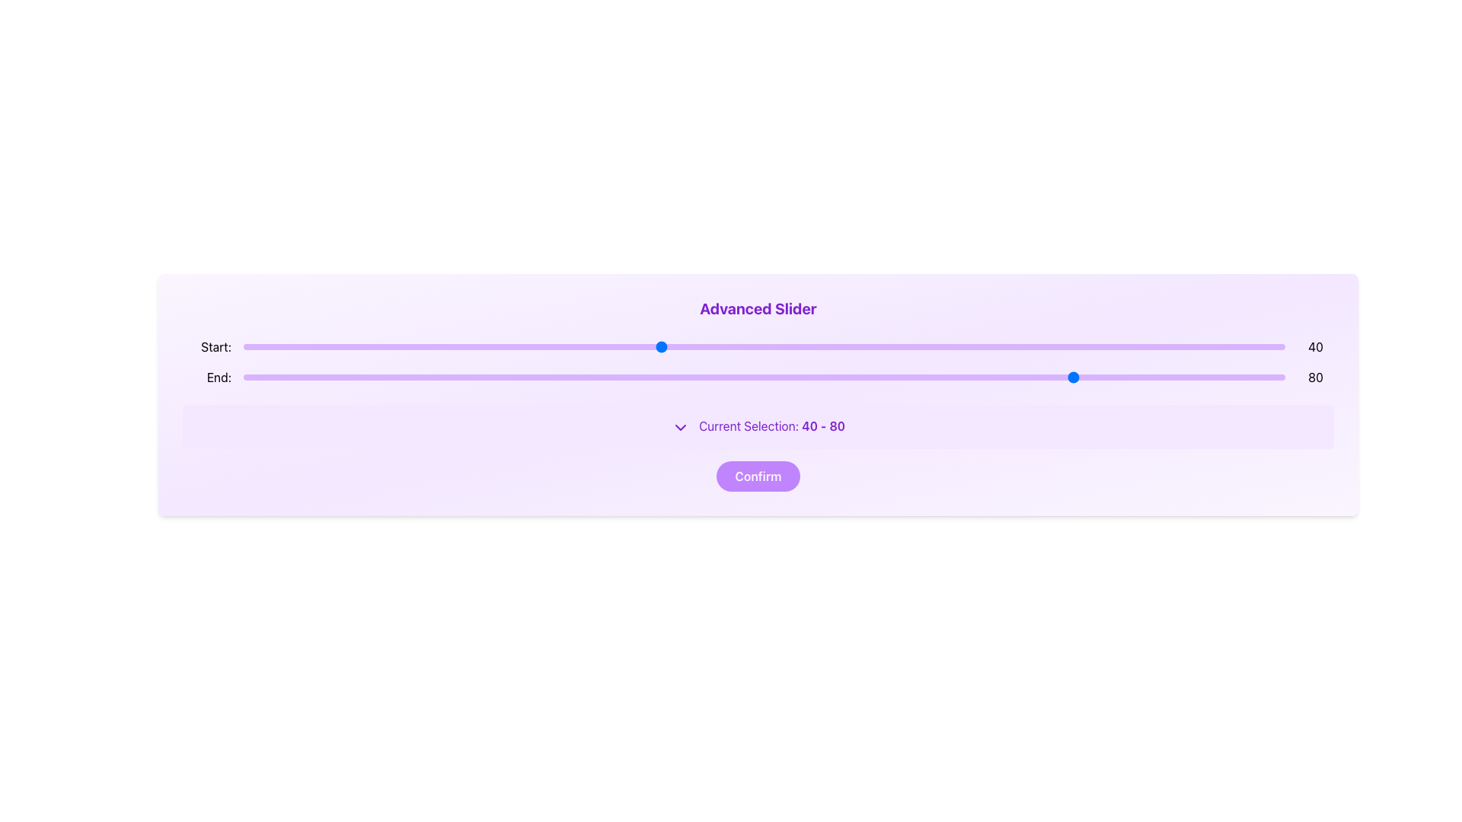 Image resolution: width=1462 pixels, height=822 pixels. Describe the element at coordinates (389, 346) in the screenshot. I see `the start slider` at that location.